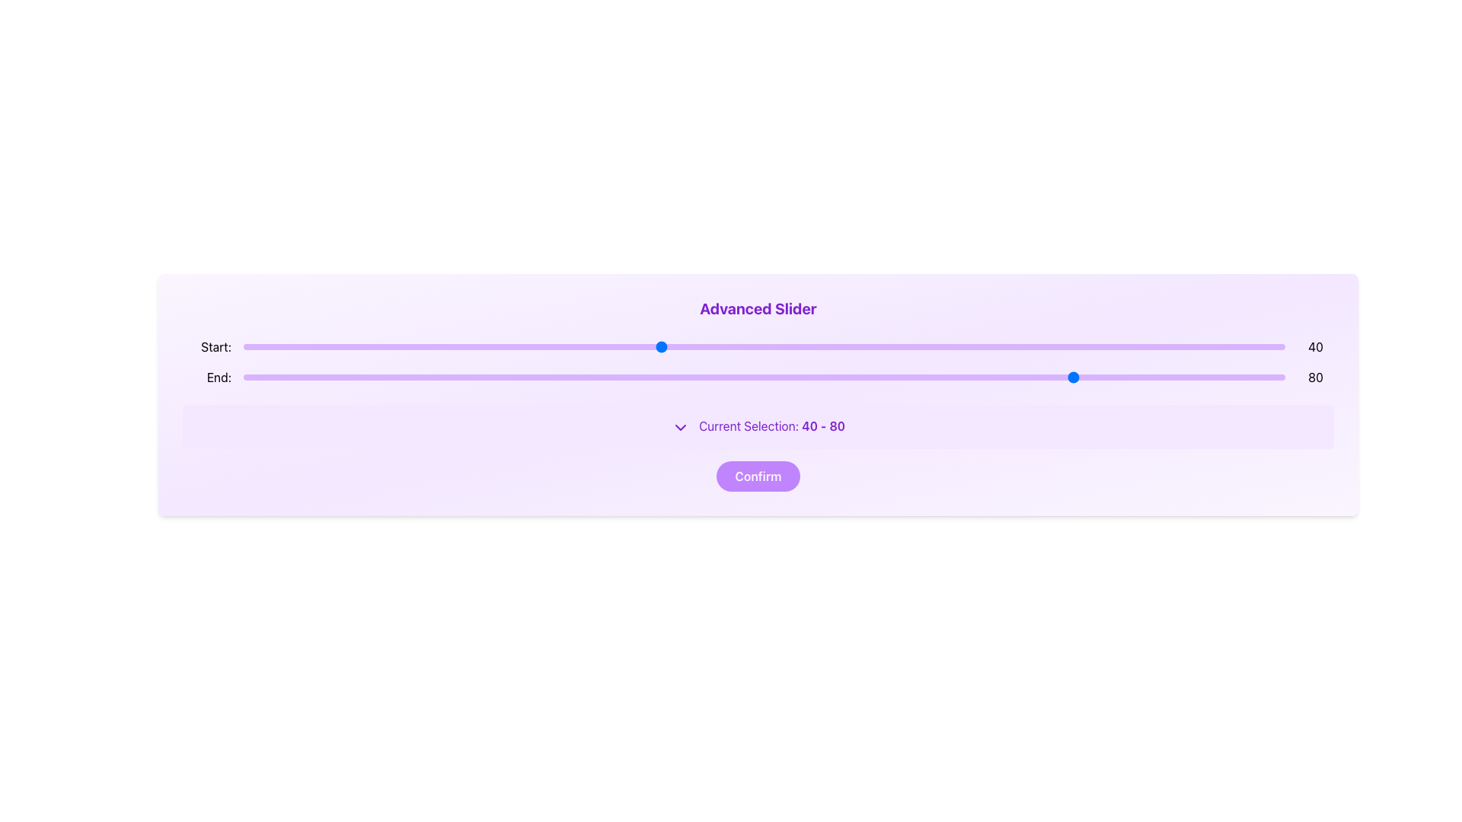 Image resolution: width=1462 pixels, height=822 pixels. Describe the element at coordinates (389, 346) in the screenshot. I see `the start slider` at that location.